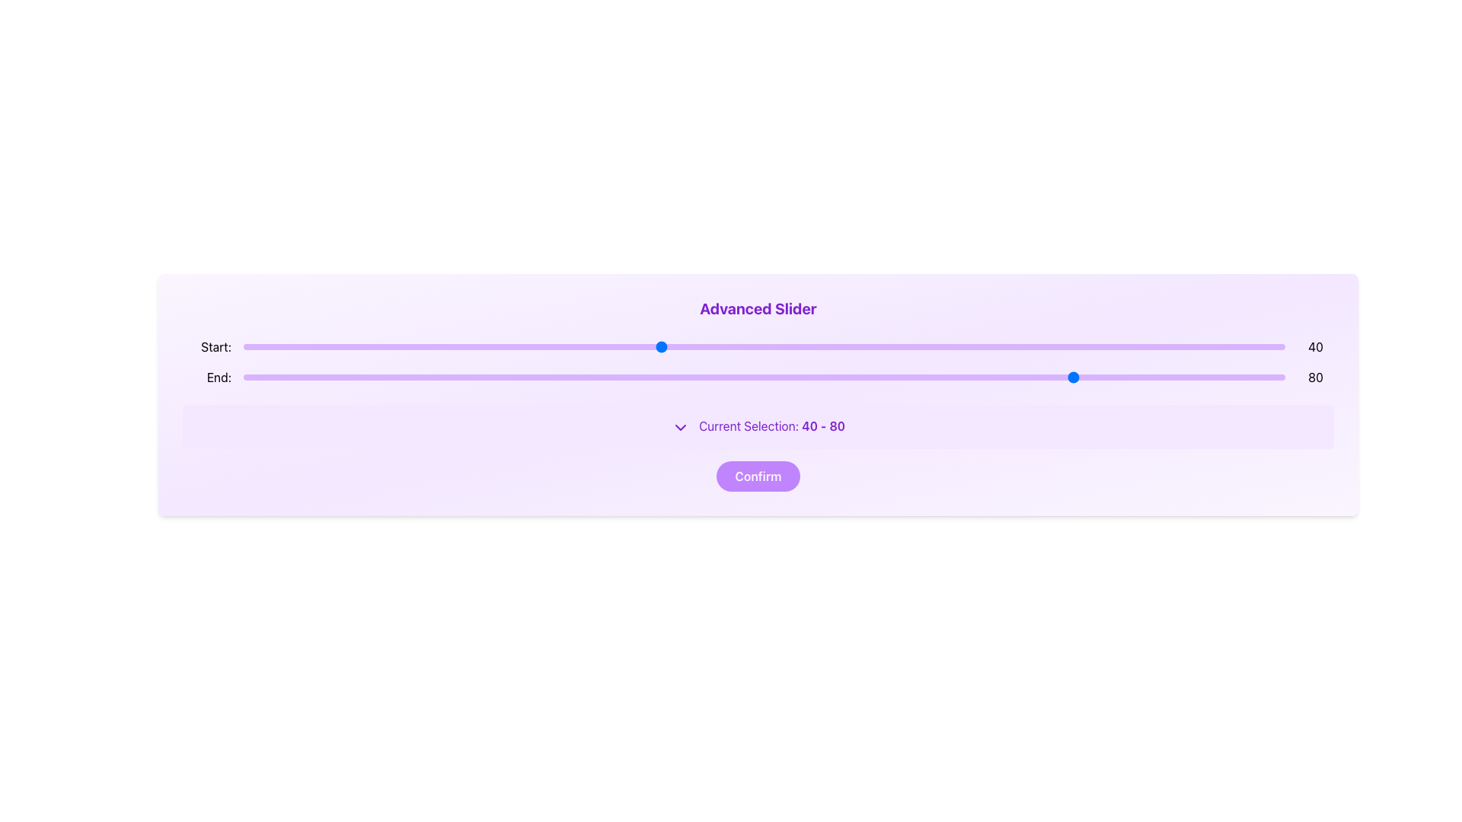 Image resolution: width=1462 pixels, height=822 pixels. Describe the element at coordinates (389, 346) in the screenshot. I see `the start slider` at that location.